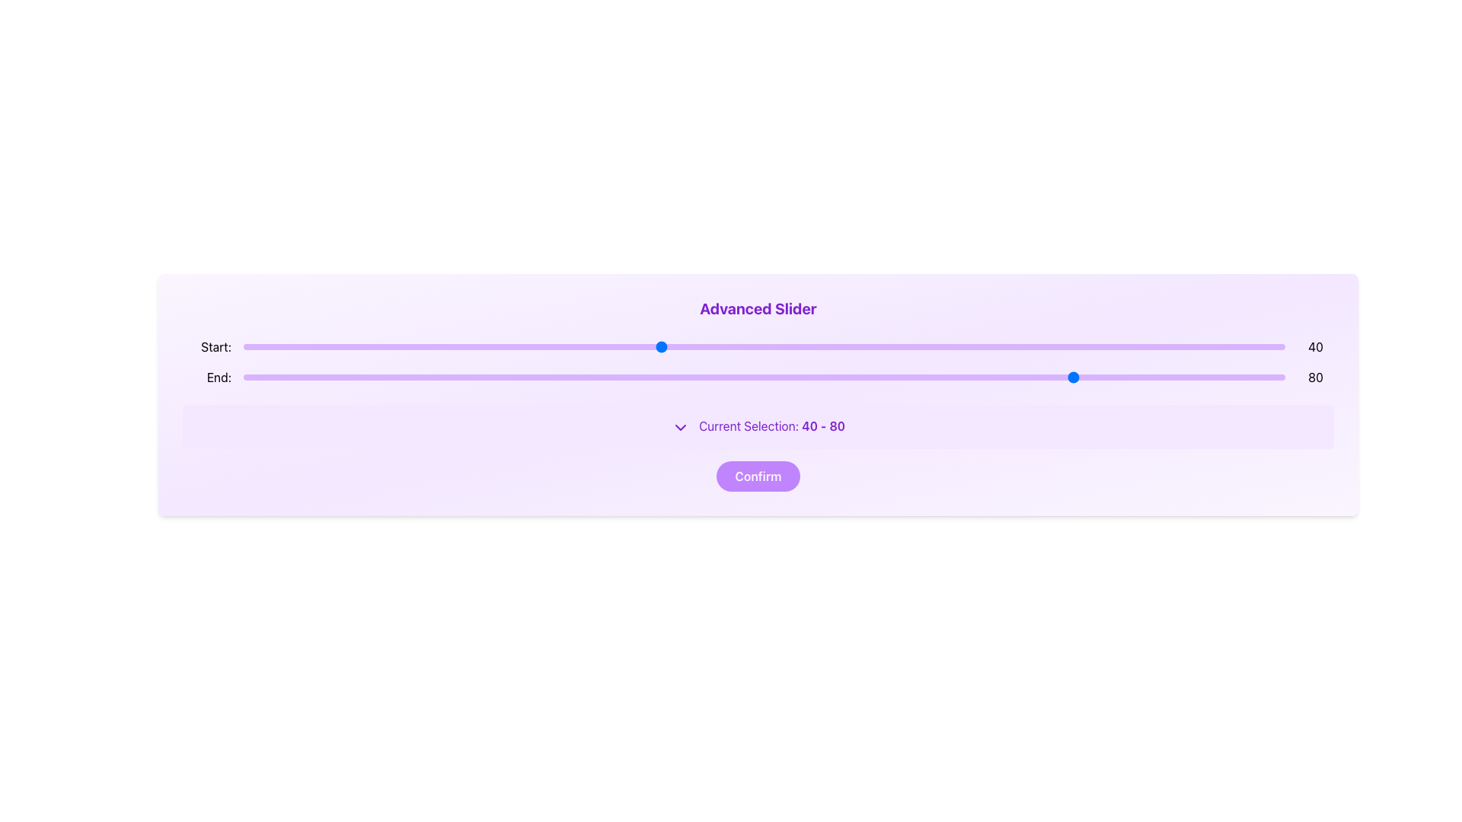 Image resolution: width=1462 pixels, height=822 pixels. Describe the element at coordinates (389, 346) in the screenshot. I see `the start slider` at that location.